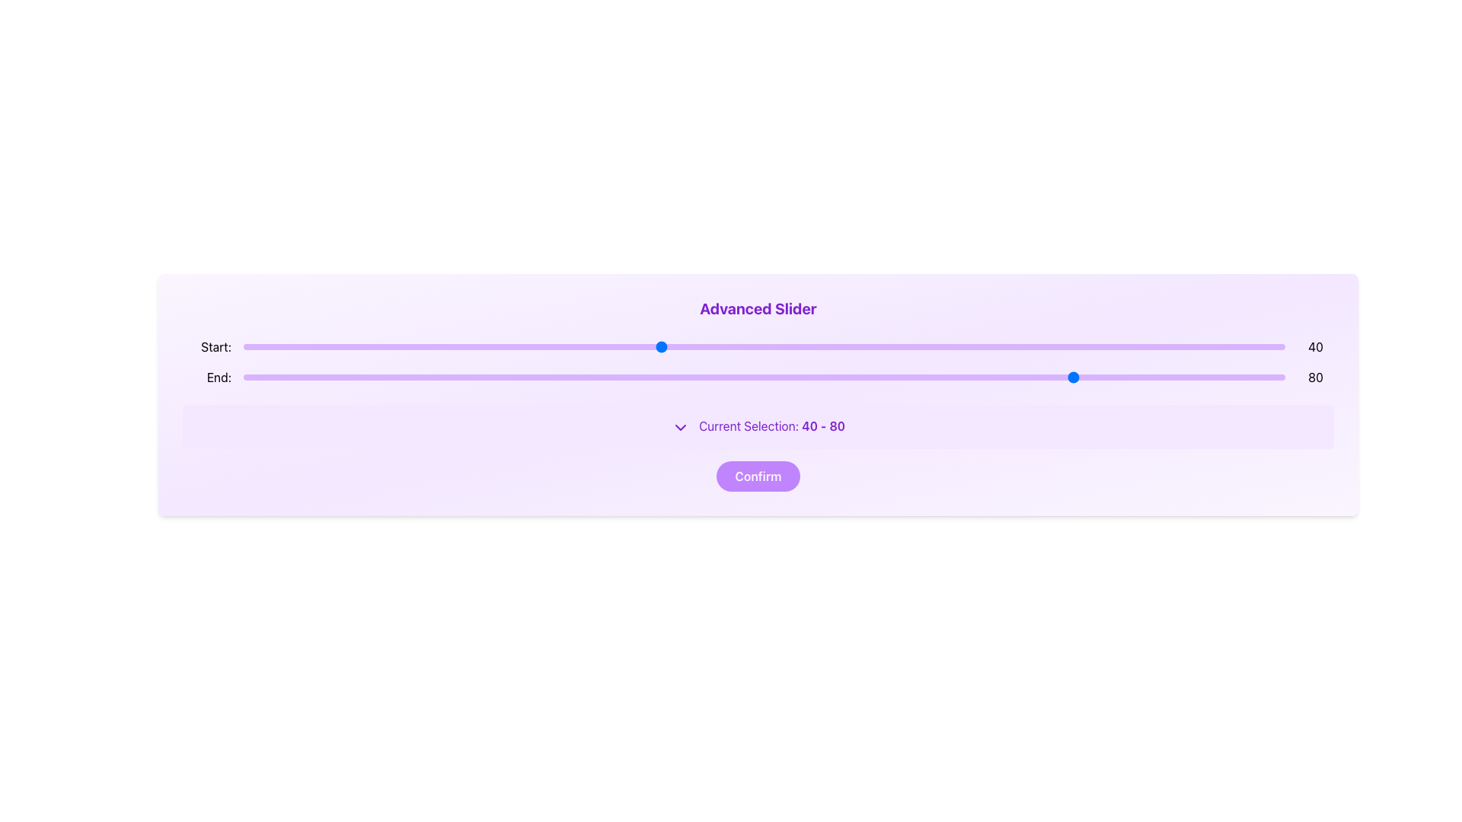 Image resolution: width=1462 pixels, height=822 pixels. Describe the element at coordinates (389, 346) in the screenshot. I see `the start slider` at that location.